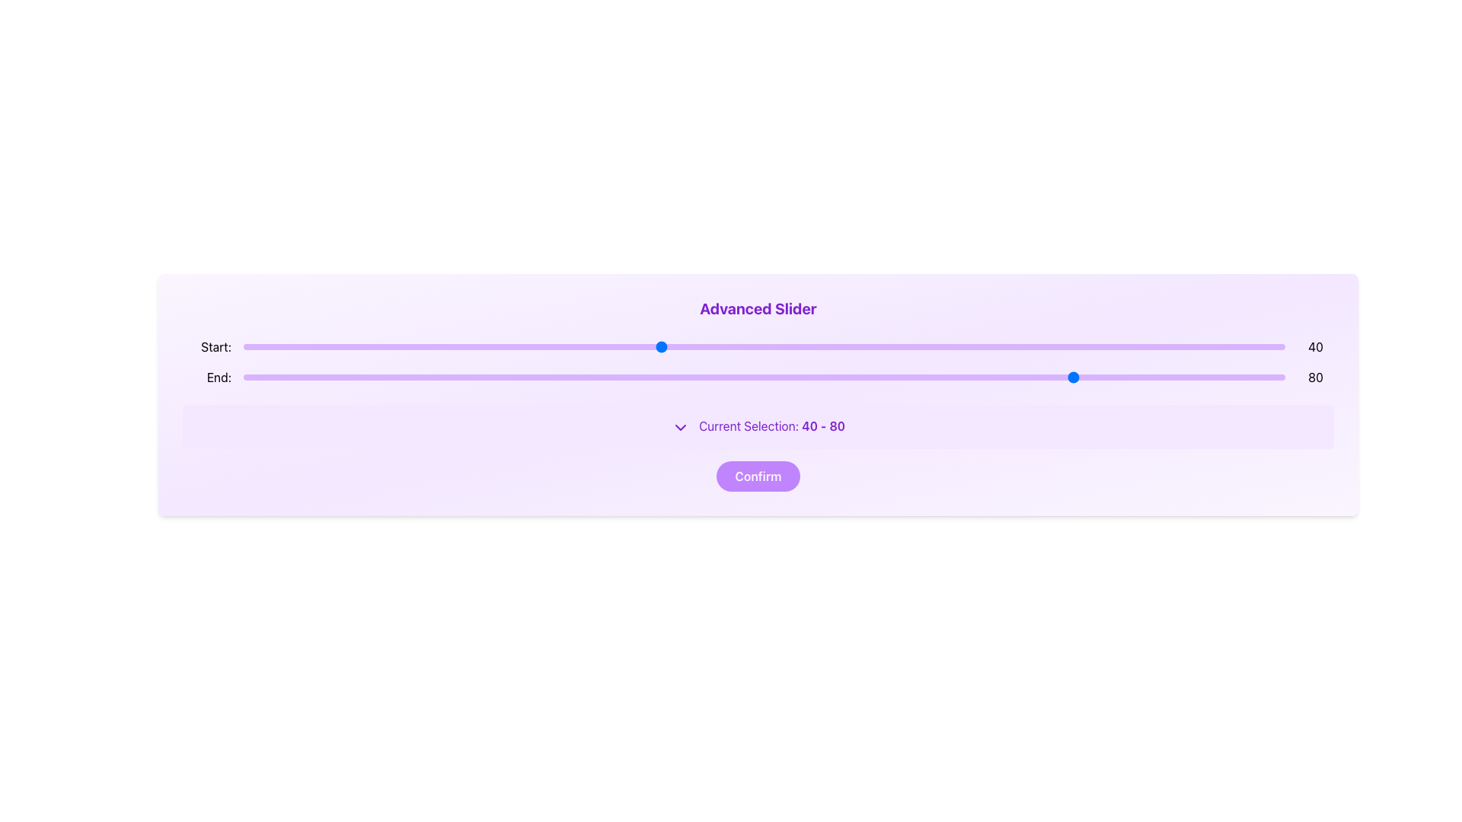 Image resolution: width=1462 pixels, height=822 pixels. Describe the element at coordinates (389, 346) in the screenshot. I see `the start slider` at that location.